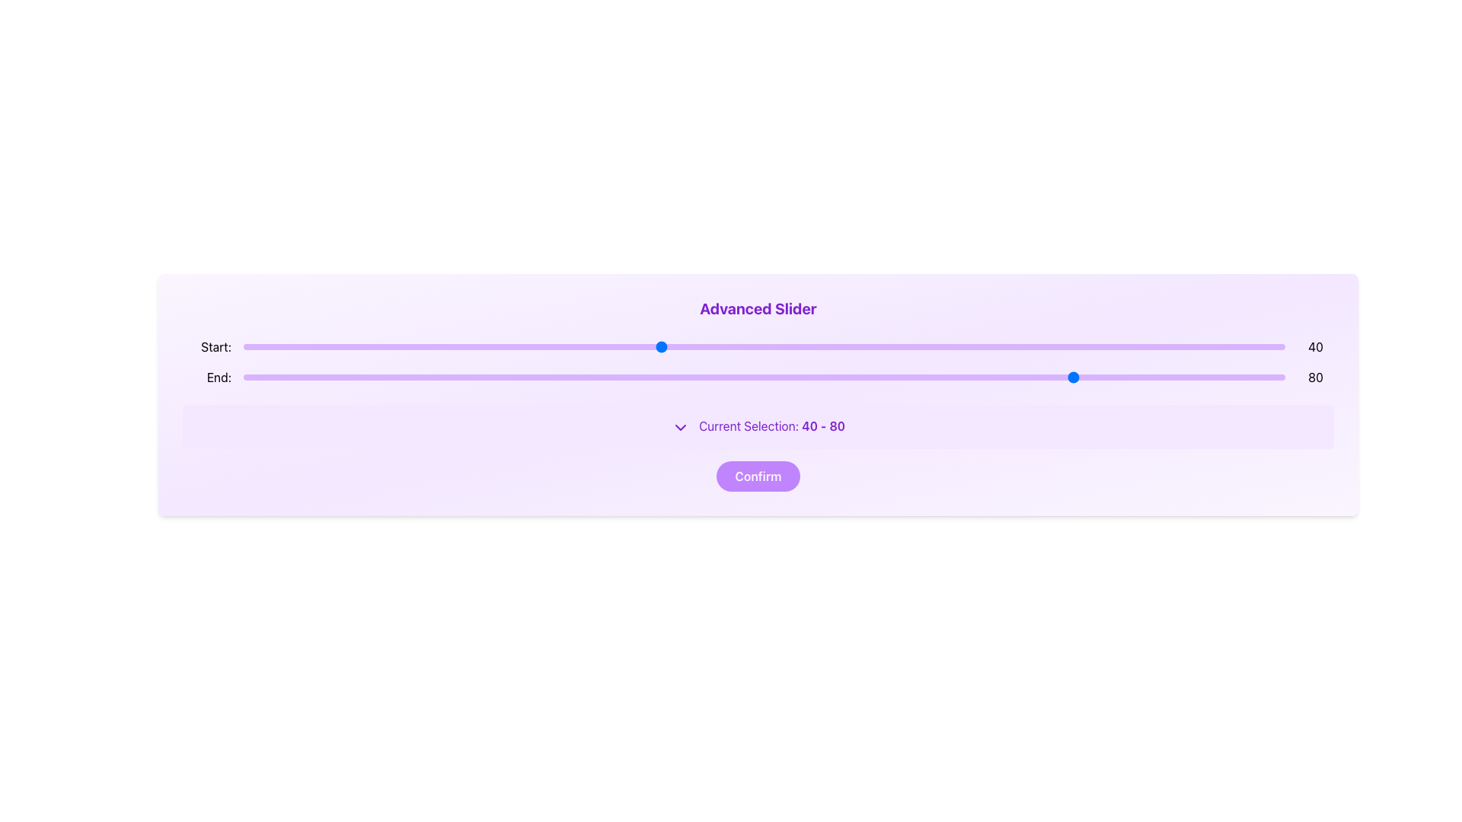 Image resolution: width=1462 pixels, height=822 pixels. Describe the element at coordinates (389, 346) in the screenshot. I see `the start slider` at that location.